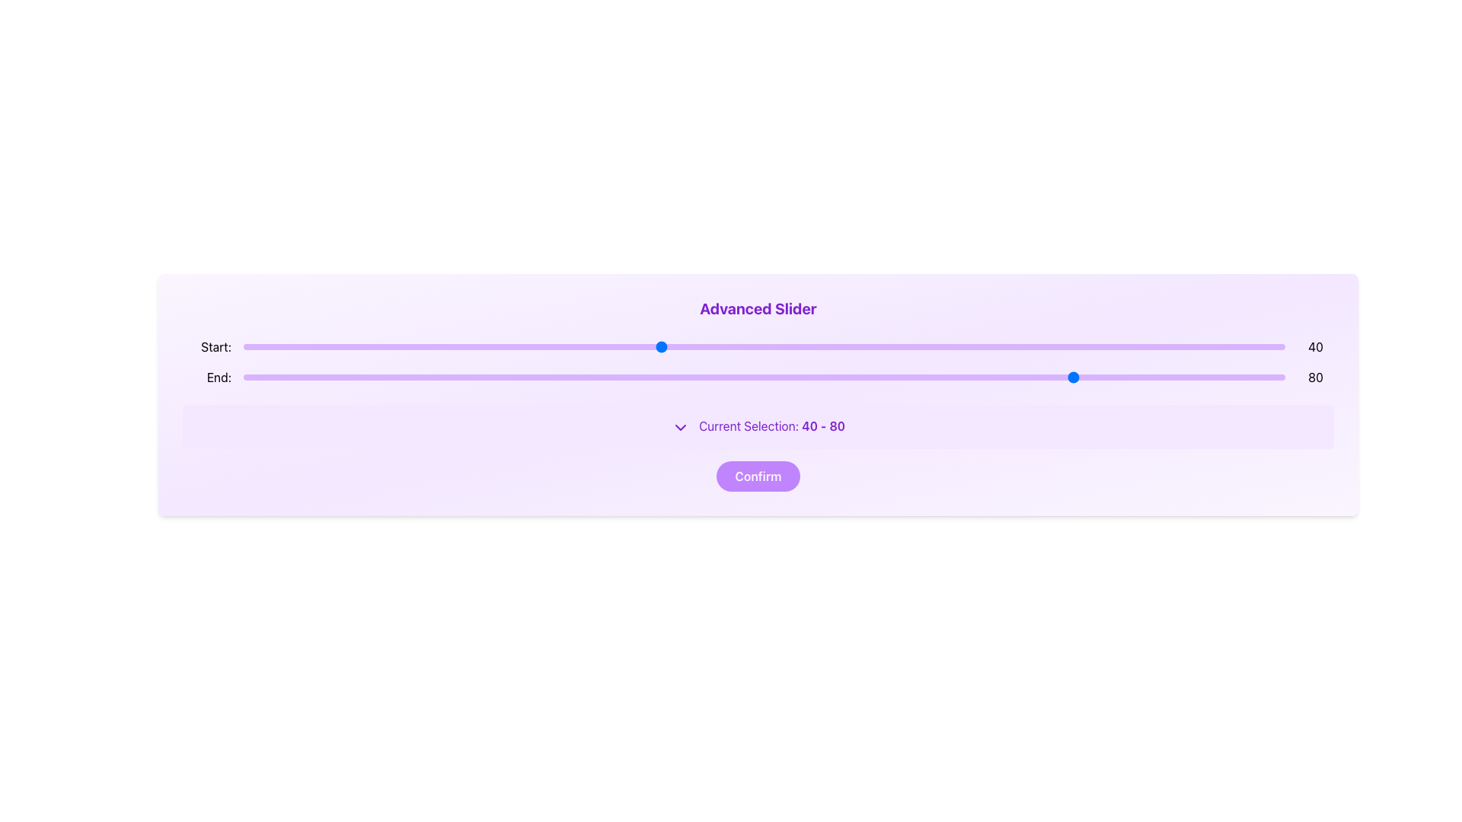 Image resolution: width=1462 pixels, height=822 pixels. Describe the element at coordinates (389, 346) in the screenshot. I see `the start slider` at that location.